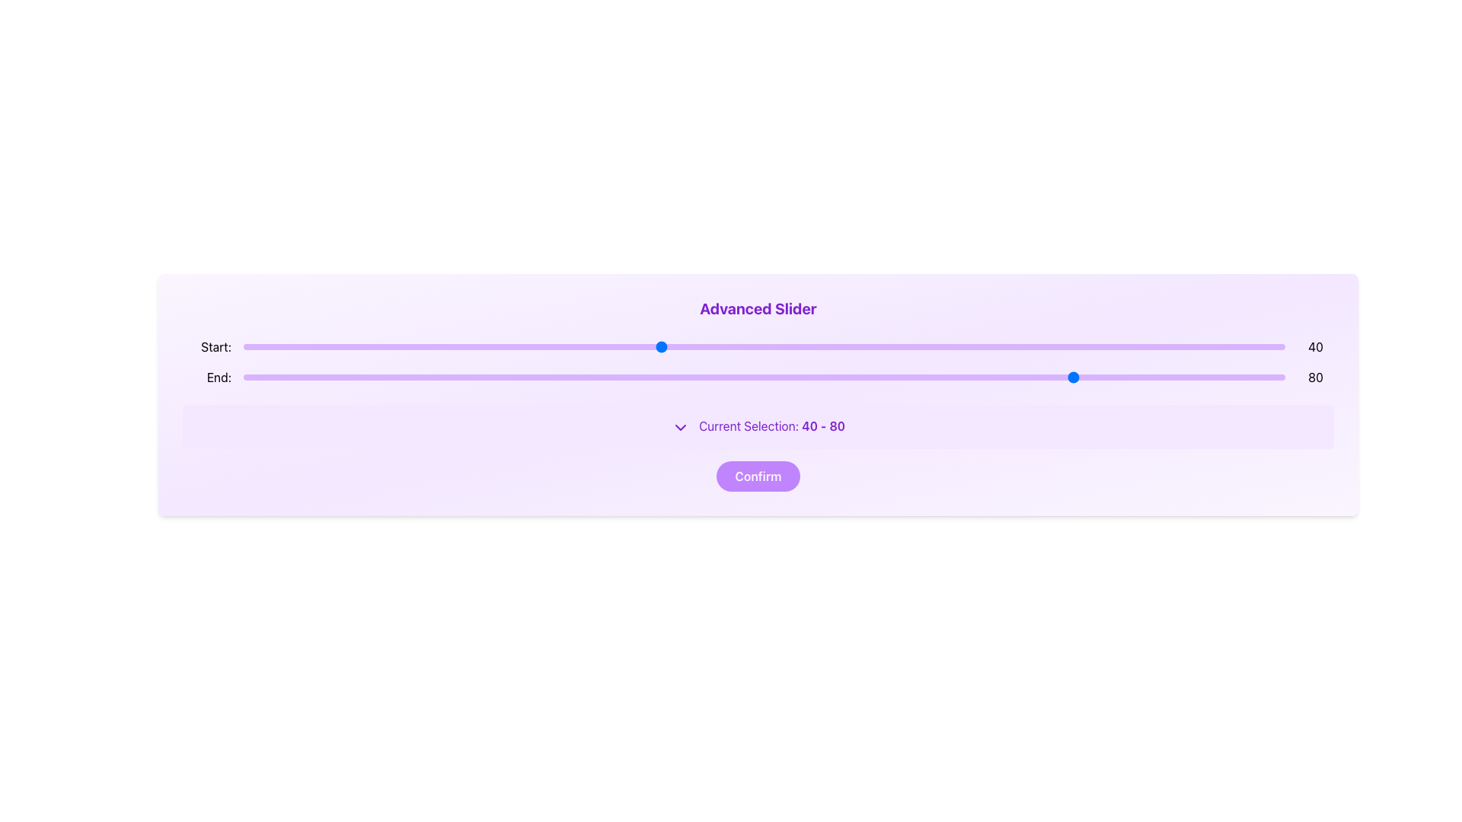 Image resolution: width=1462 pixels, height=822 pixels. Describe the element at coordinates (389, 346) in the screenshot. I see `the start slider` at that location.